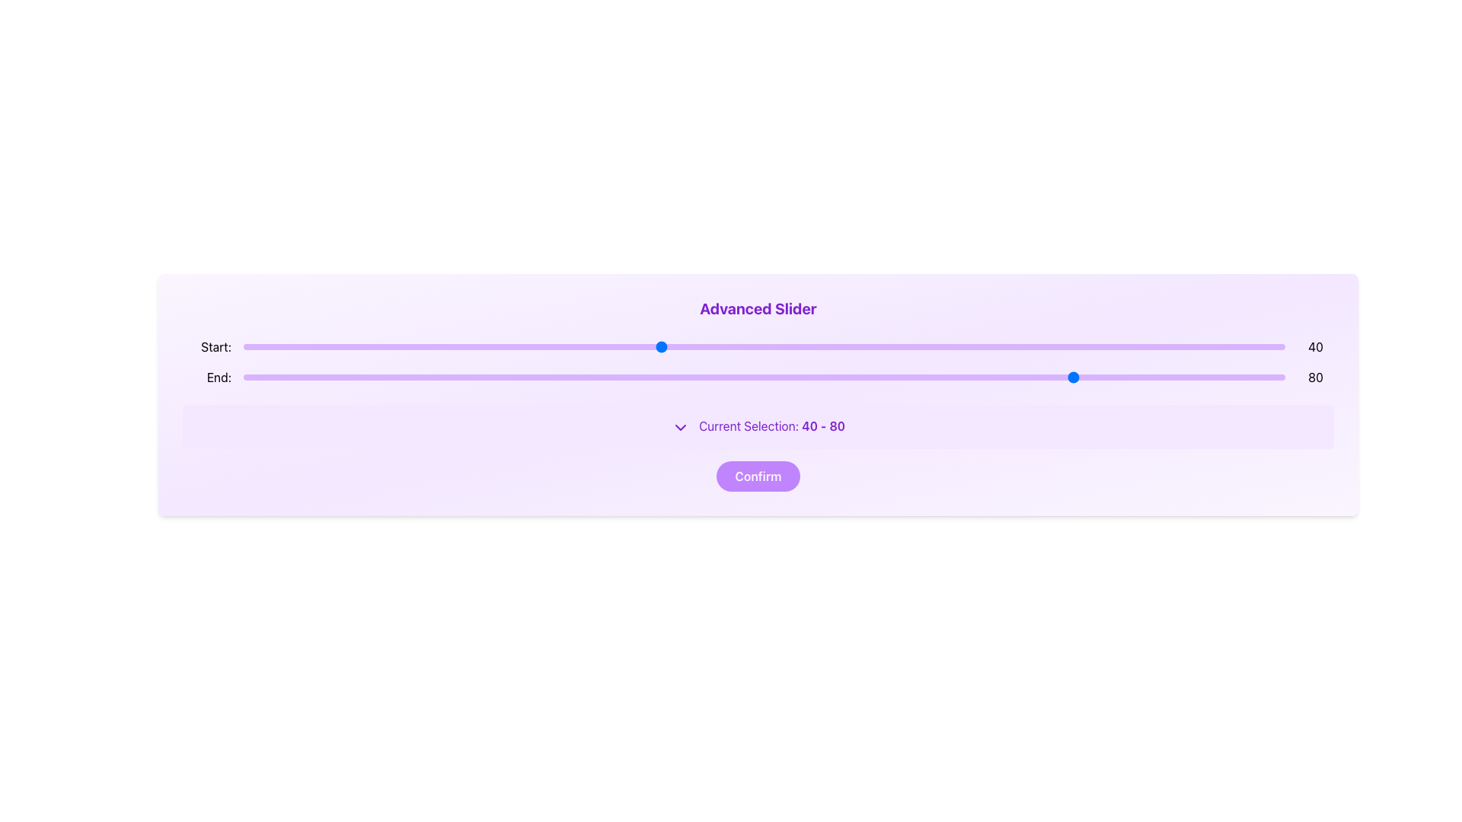 Image resolution: width=1462 pixels, height=822 pixels. Describe the element at coordinates (389, 346) in the screenshot. I see `the start slider` at that location.